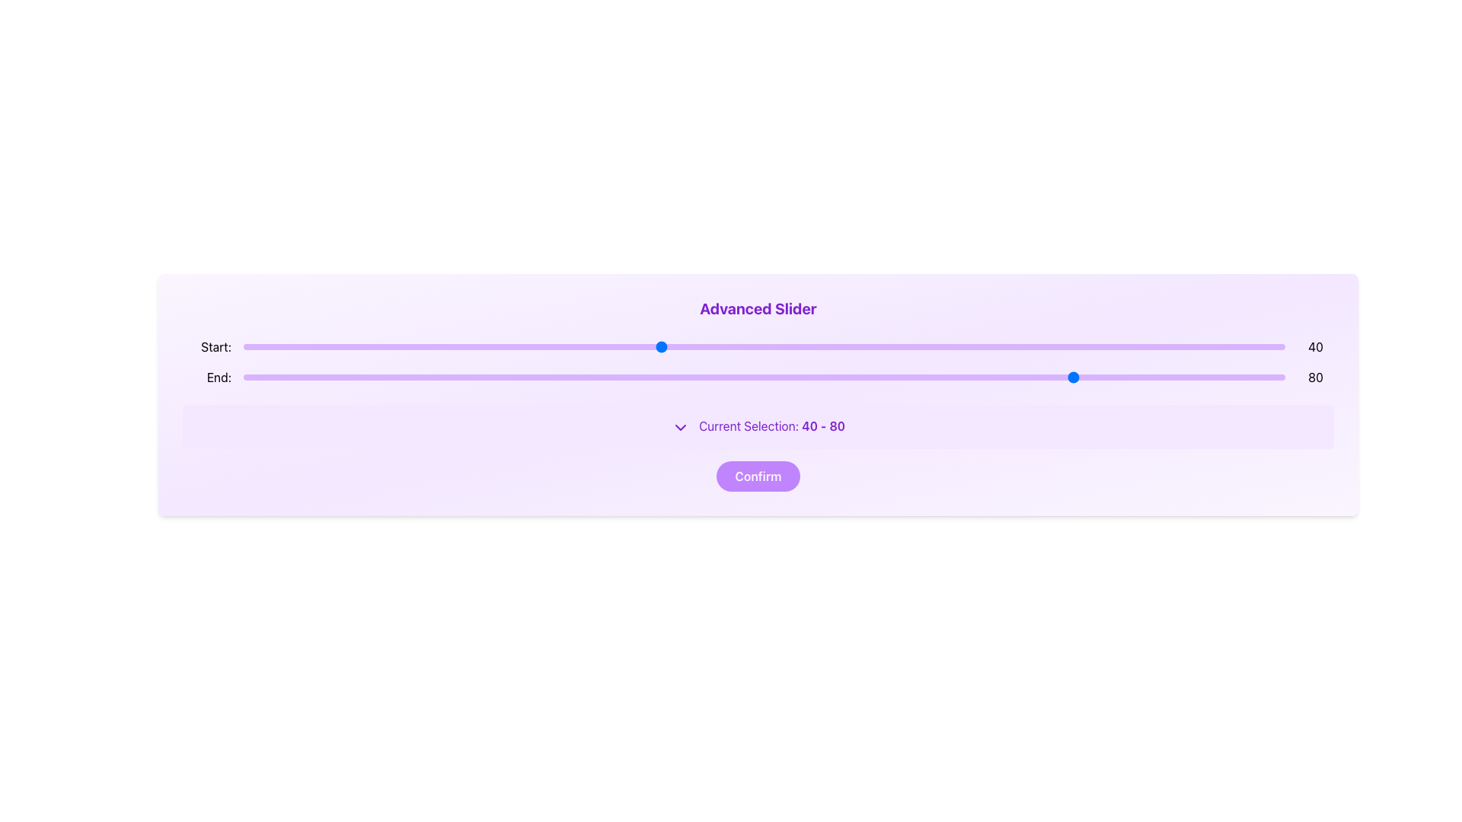 Image resolution: width=1462 pixels, height=822 pixels. Describe the element at coordinates (389, 346) in the screenshot. I see `the start slider` at that location.